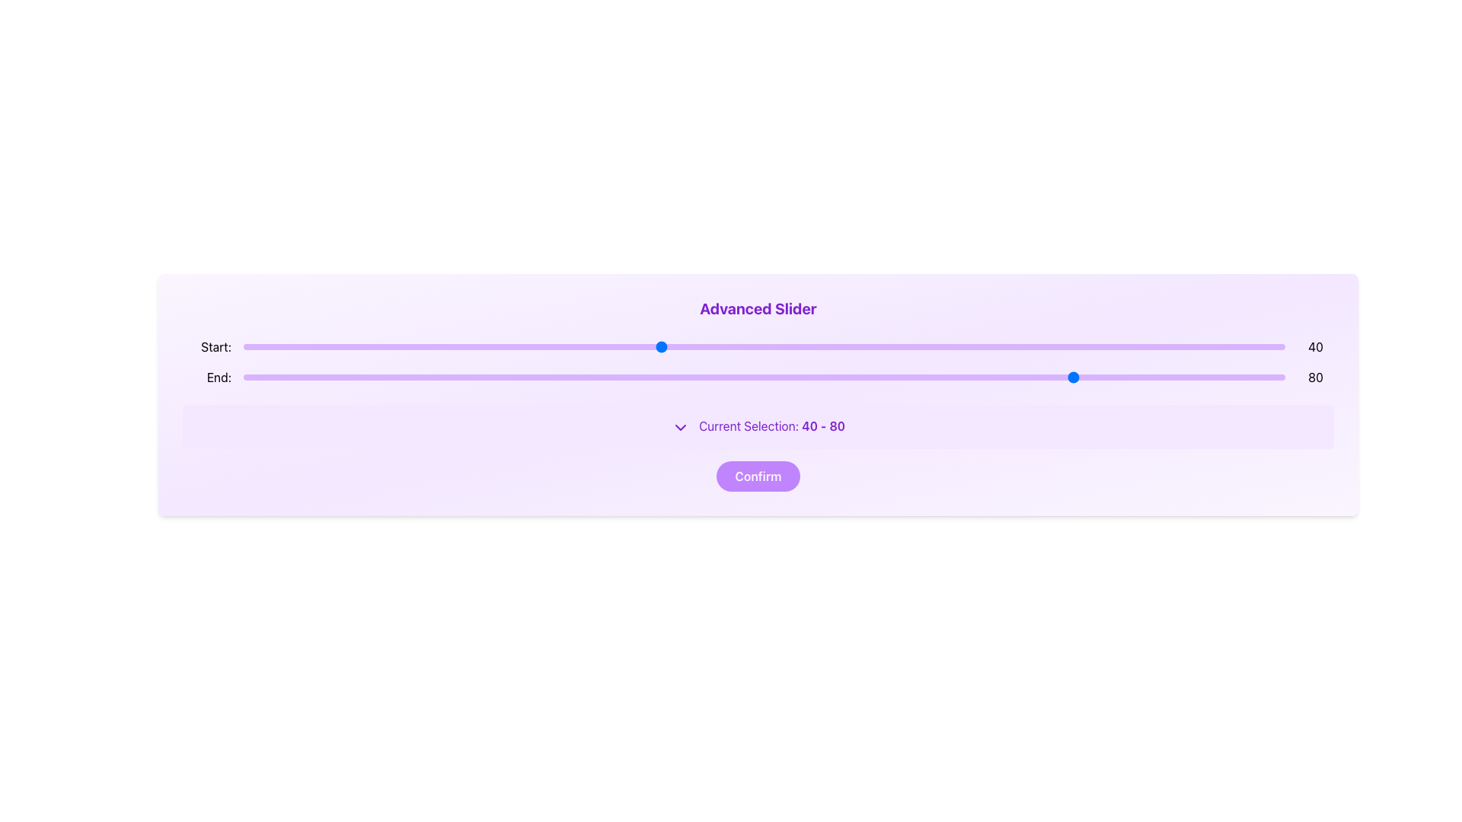 Image resolution: width=1462 pixels, height=822 pixels. Describe the element at coordinates (389, 346) in the screenshot. I see `the start slider` at that location.